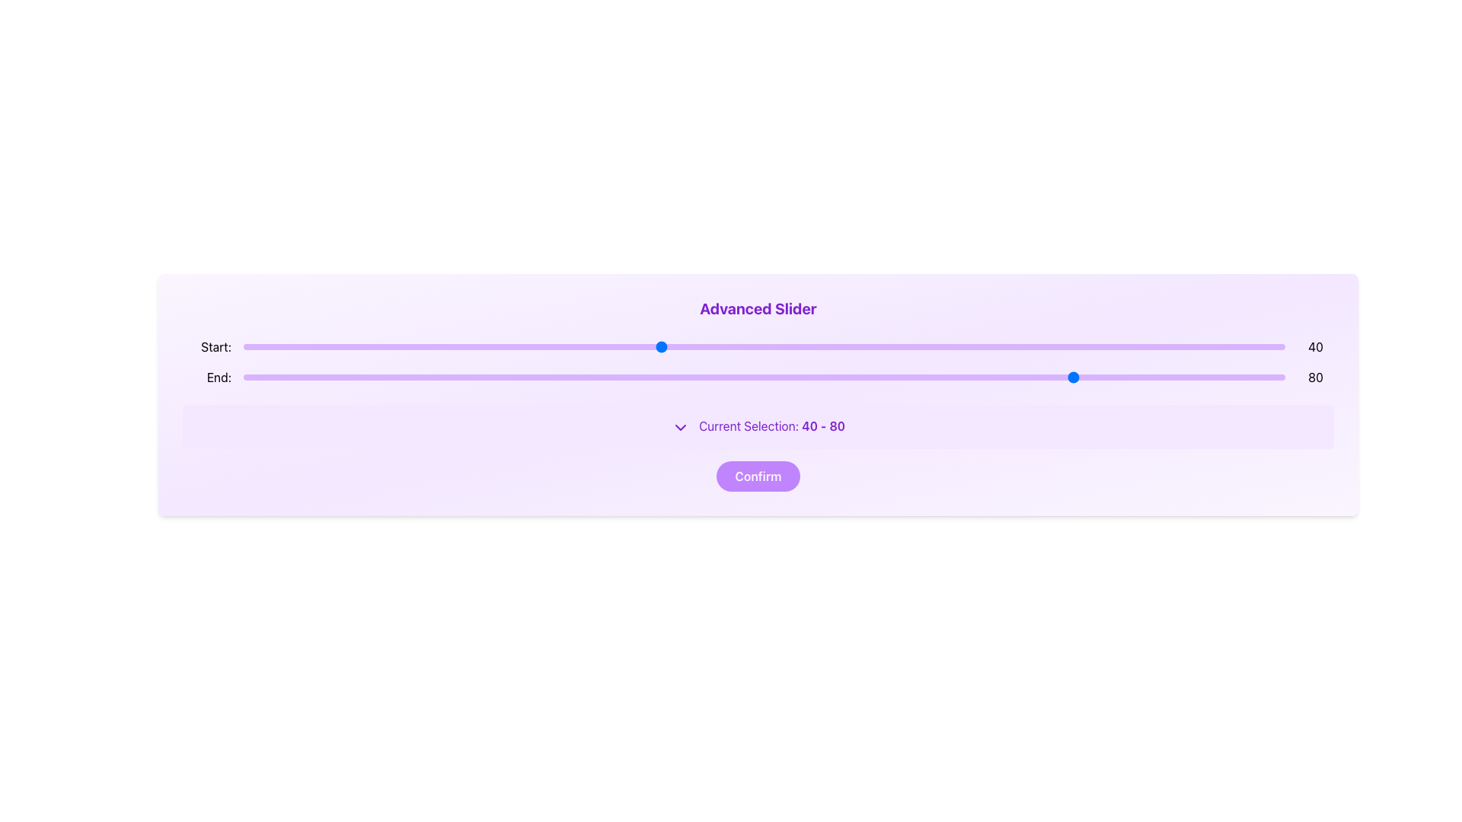 Image resolution: width=1462 pixels, height=822 pixels. Describe the element at coordinates (389, 346) in the screenshot. I see `the start slider` at that location.